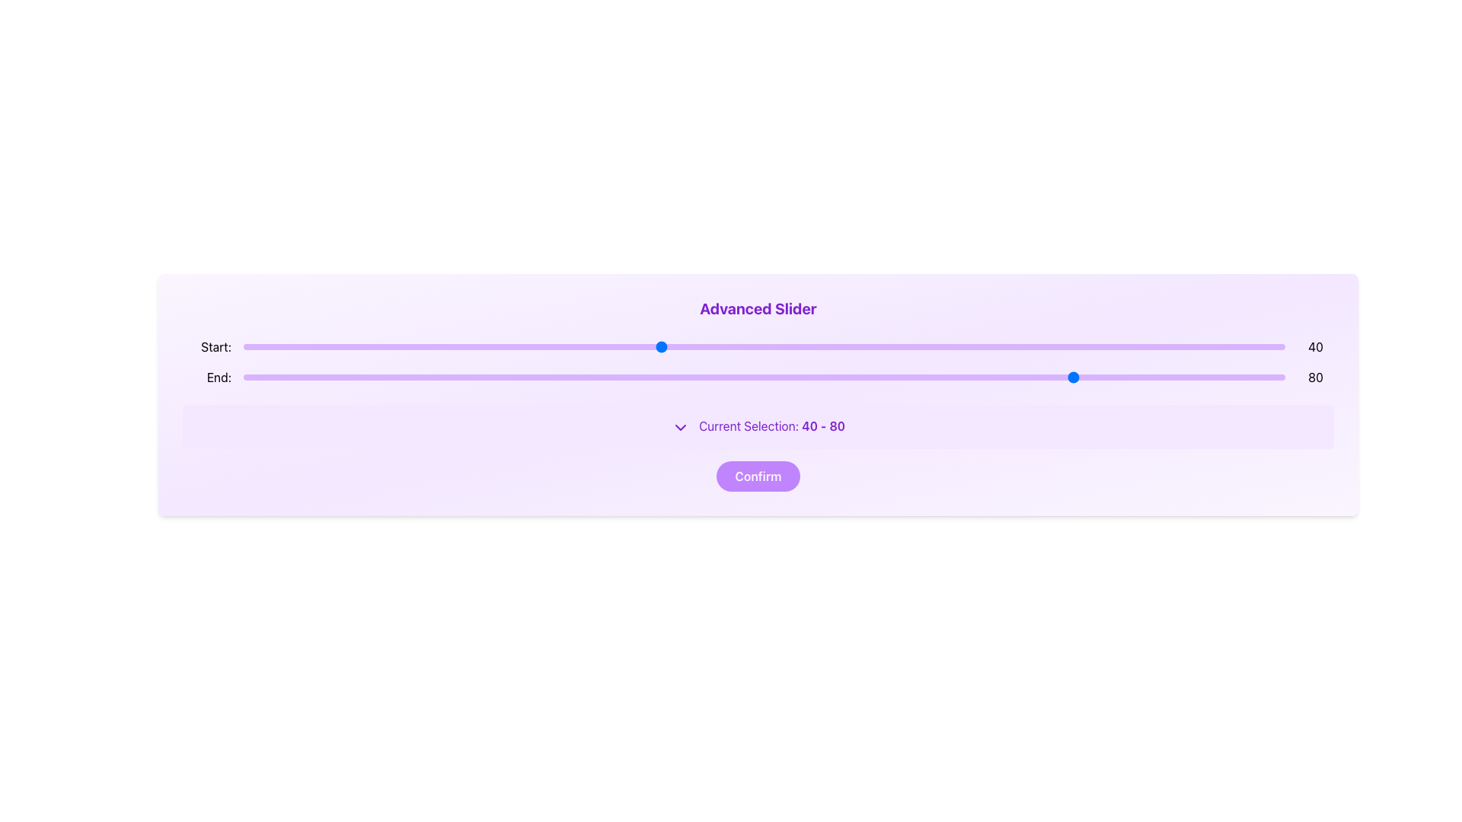 Image resolution: width=1462 pixels, height=822 pixels. Describe the element at coordinates (389, 346) in the screenshot. I see `the start slider` at that location.